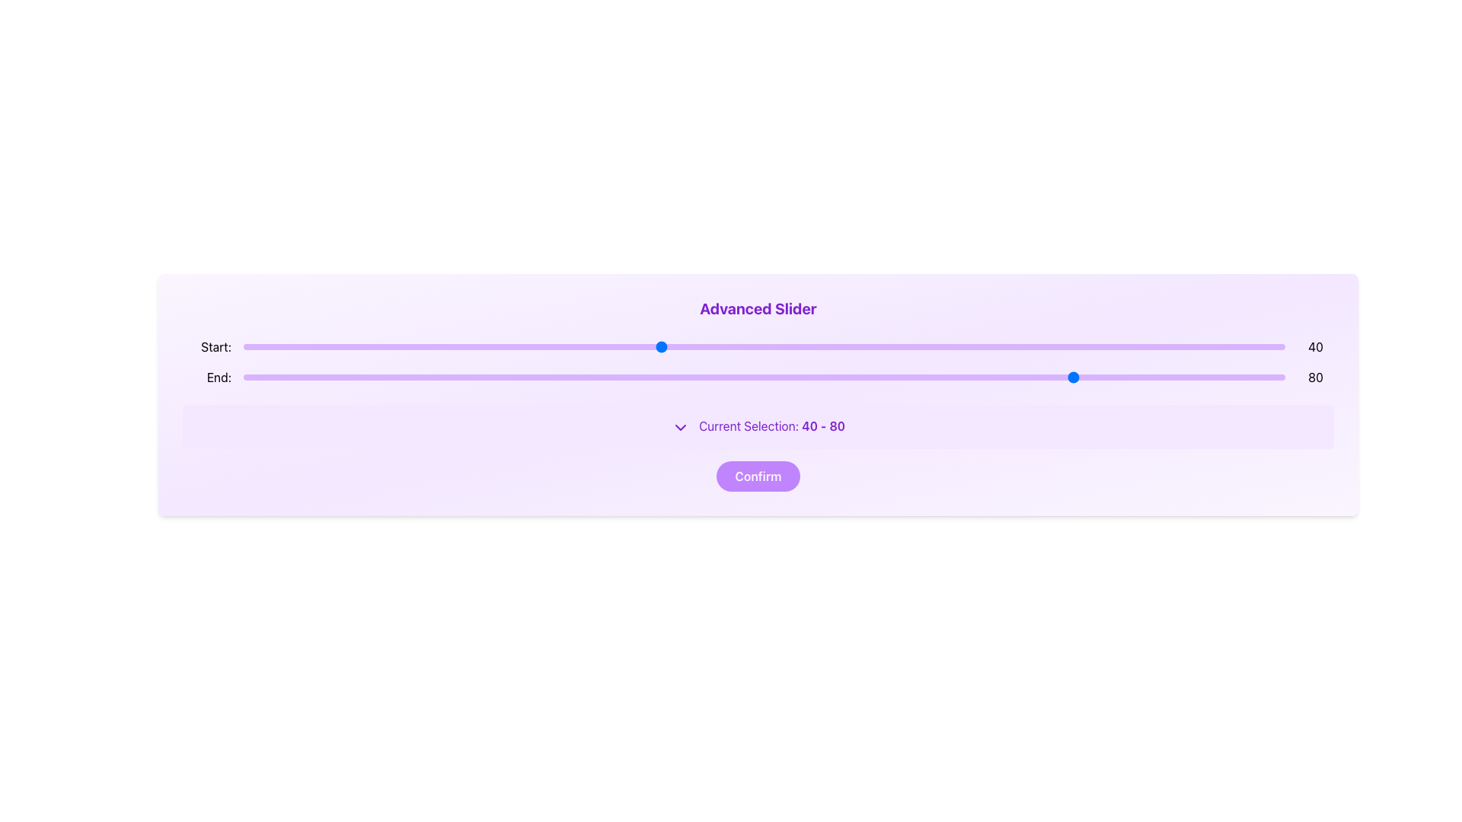 Image resolution: width=1462 pixels, height=822 pixels. Describe the element at coordinates (389, 346) in the screenshot. I see `the start slider` at that location.